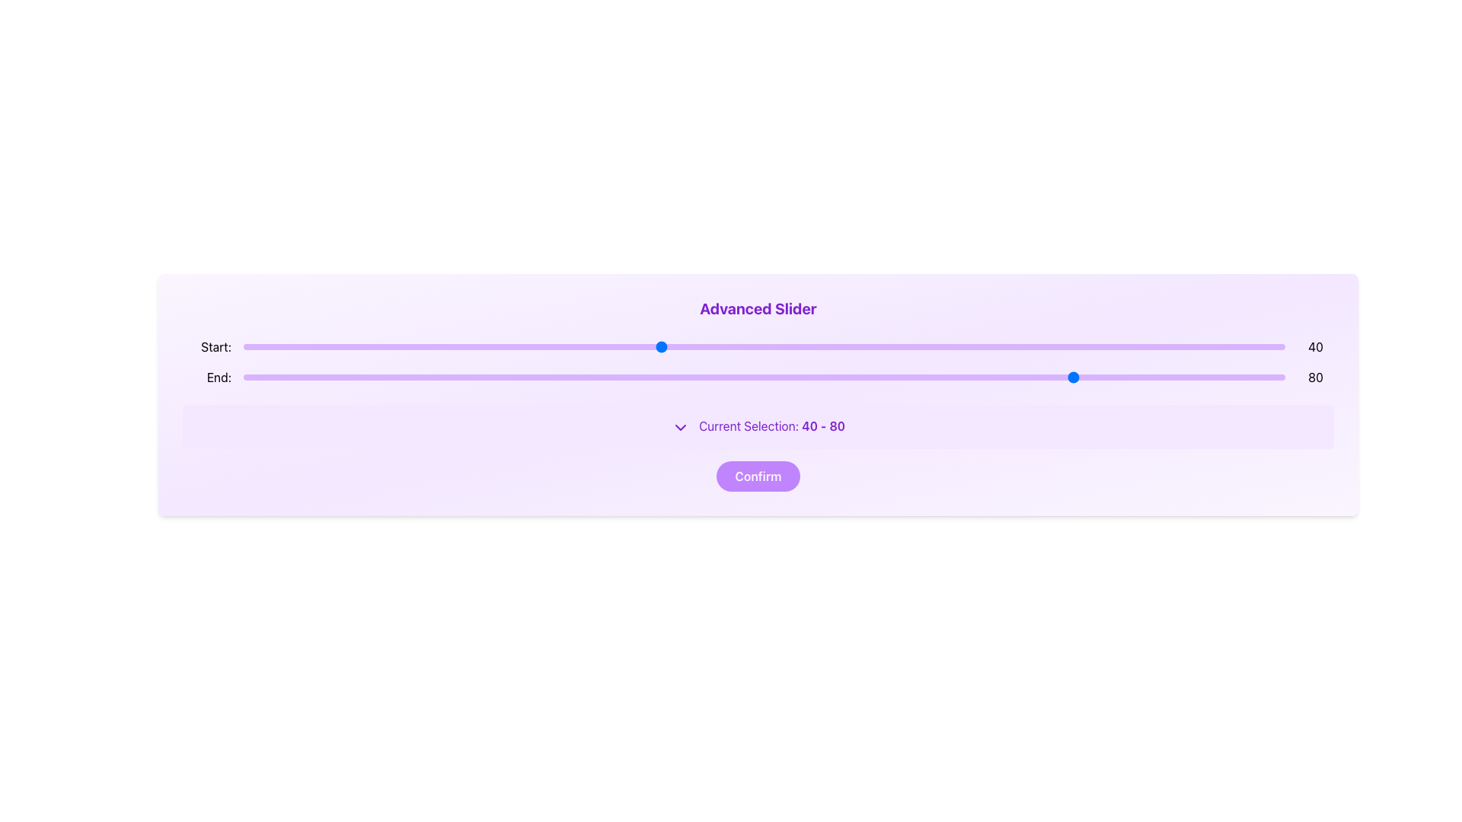 Image resolution: width=1462 pixels, height=822 pixels. Describe the element at coordinates (389, 346) in the screenshot. I see `the start slider` at that location.